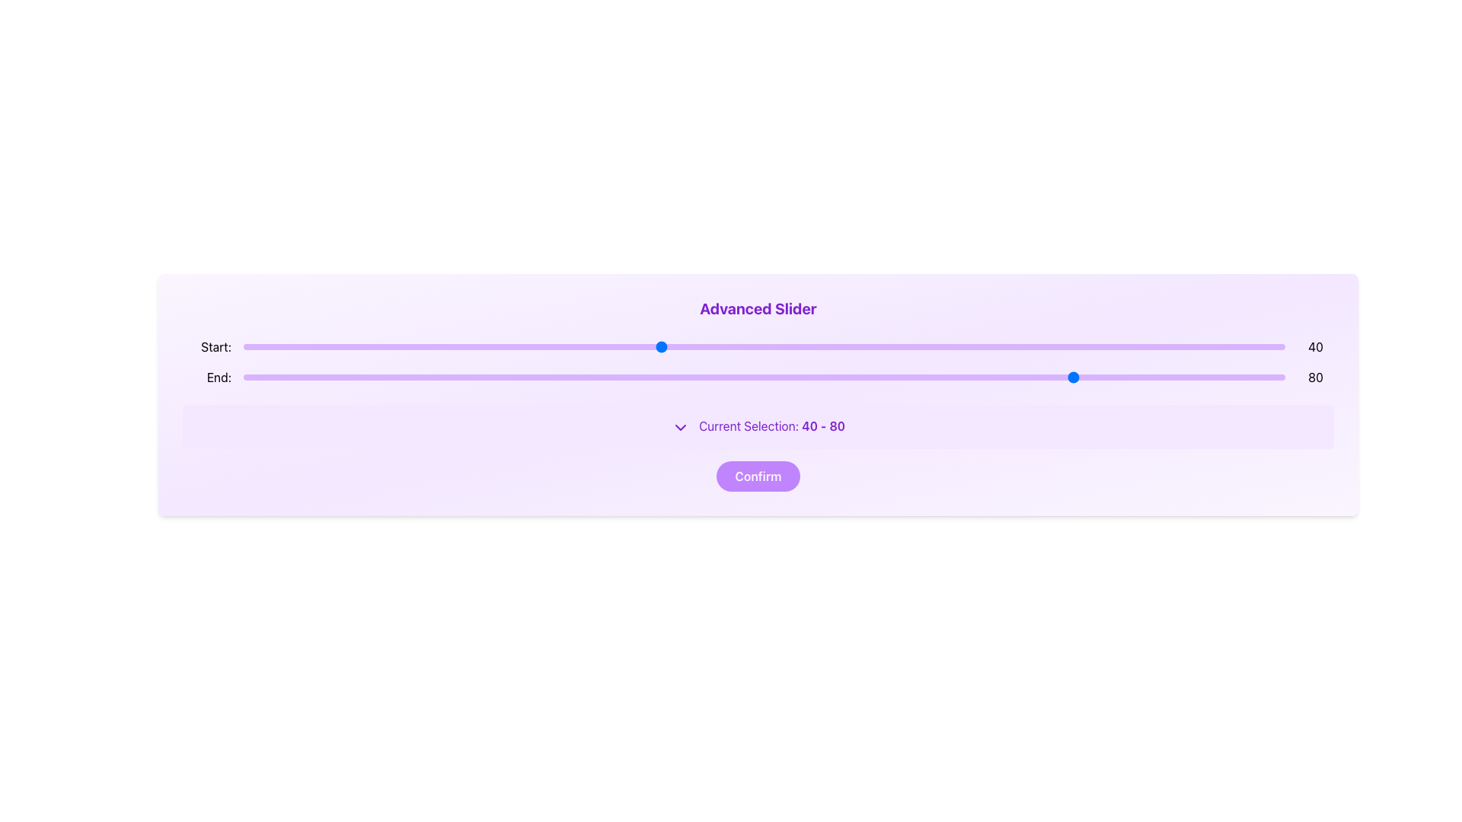 Image resolution: width=1462 pixels, height=822 pixels. Describe the element at coordinates (389, 346) in the screenshot. I see `the start slider` at that location.